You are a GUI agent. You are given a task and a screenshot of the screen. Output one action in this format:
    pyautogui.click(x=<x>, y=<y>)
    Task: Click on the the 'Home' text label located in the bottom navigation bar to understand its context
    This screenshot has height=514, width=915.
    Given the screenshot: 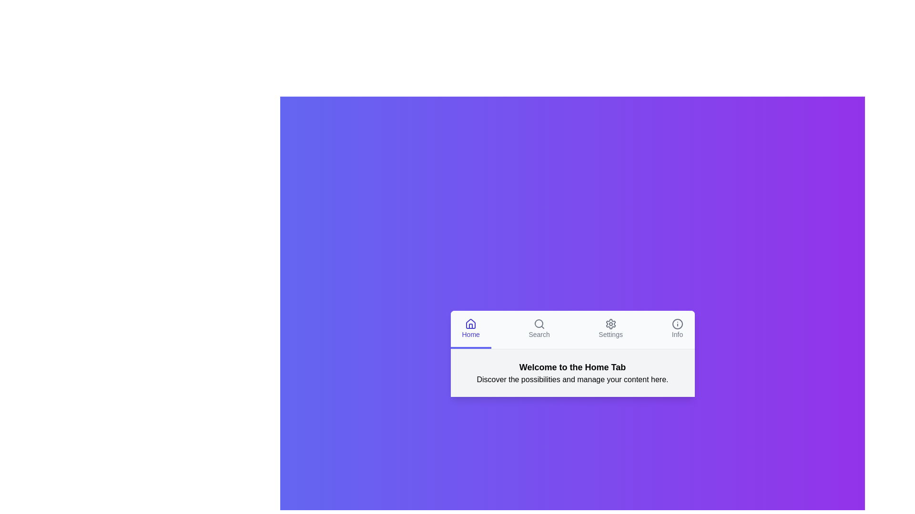 What is the action you would take?
    pyautogui.click(x=471, y=334)
    